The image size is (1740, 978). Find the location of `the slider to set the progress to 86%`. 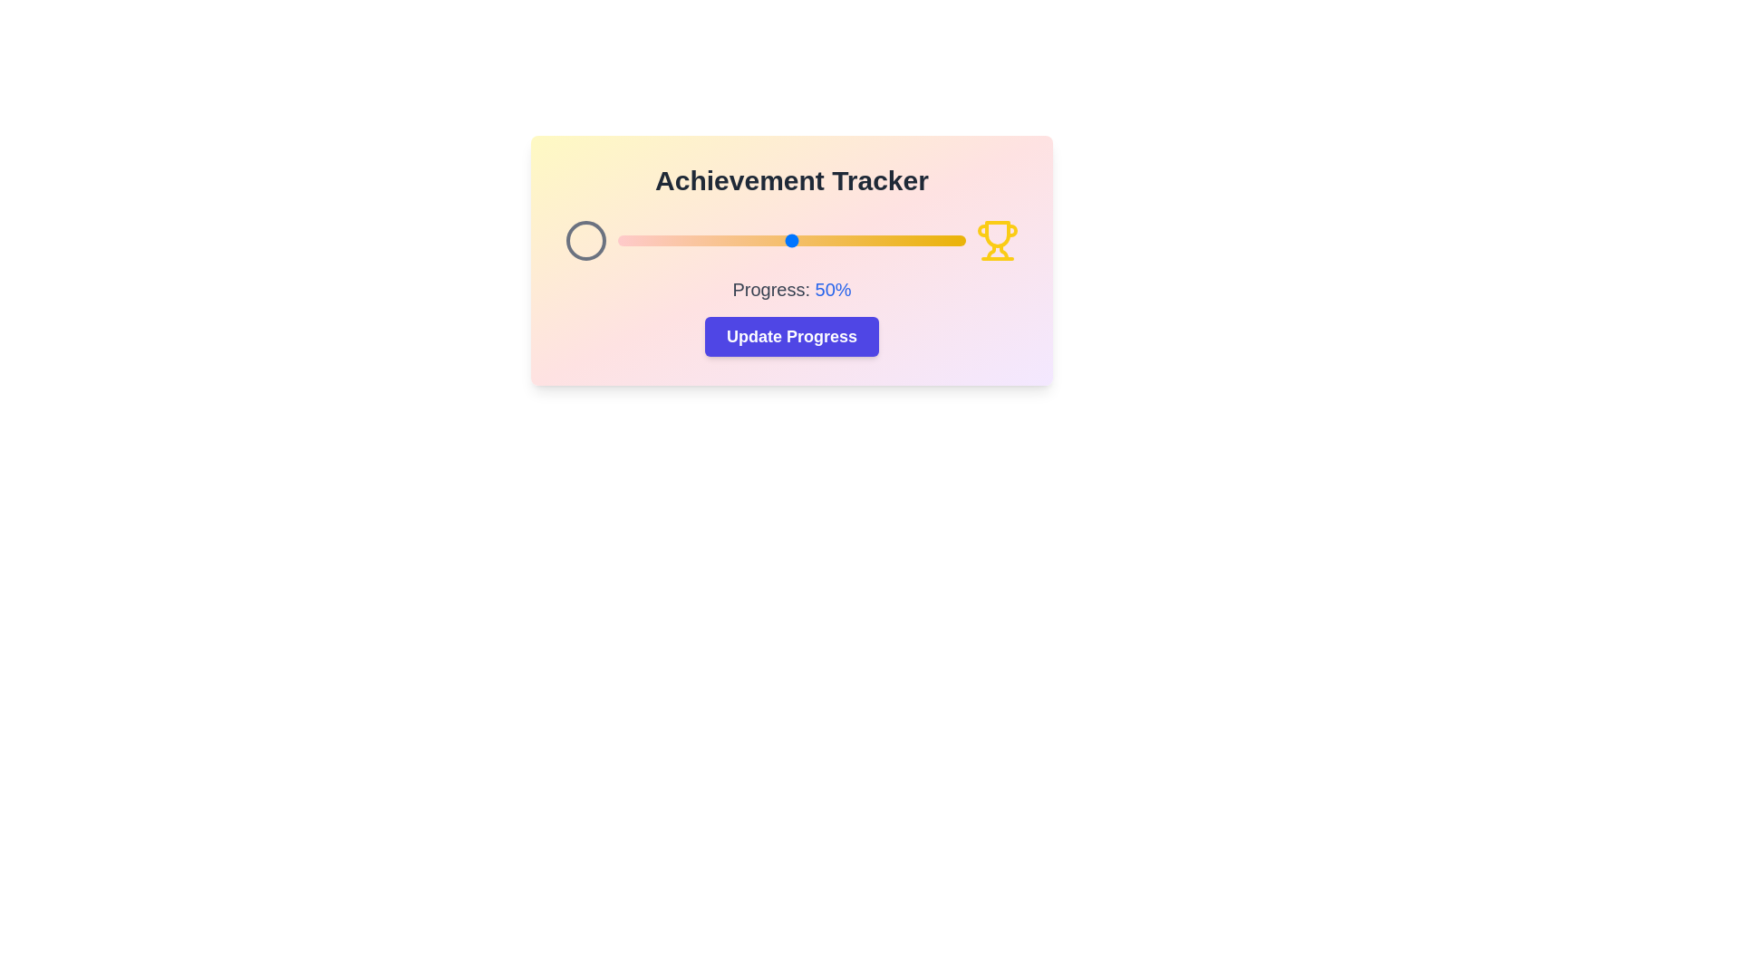

the slider to set the progress to 86% is located at coordinates (917, 240).